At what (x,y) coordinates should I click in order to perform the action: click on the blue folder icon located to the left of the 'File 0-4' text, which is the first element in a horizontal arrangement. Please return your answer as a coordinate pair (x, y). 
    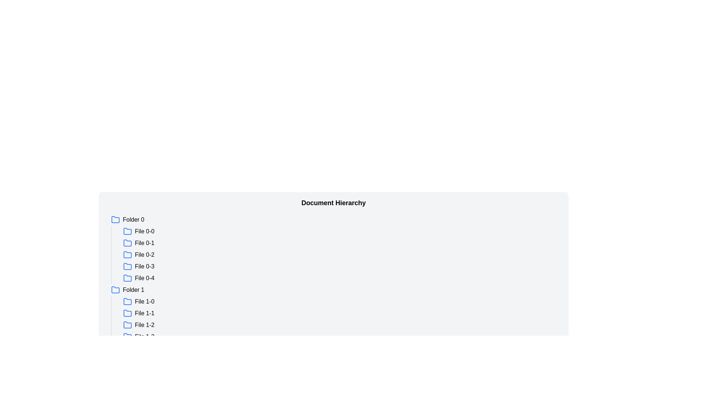
    Looking at the image, I should click on (128, 278).